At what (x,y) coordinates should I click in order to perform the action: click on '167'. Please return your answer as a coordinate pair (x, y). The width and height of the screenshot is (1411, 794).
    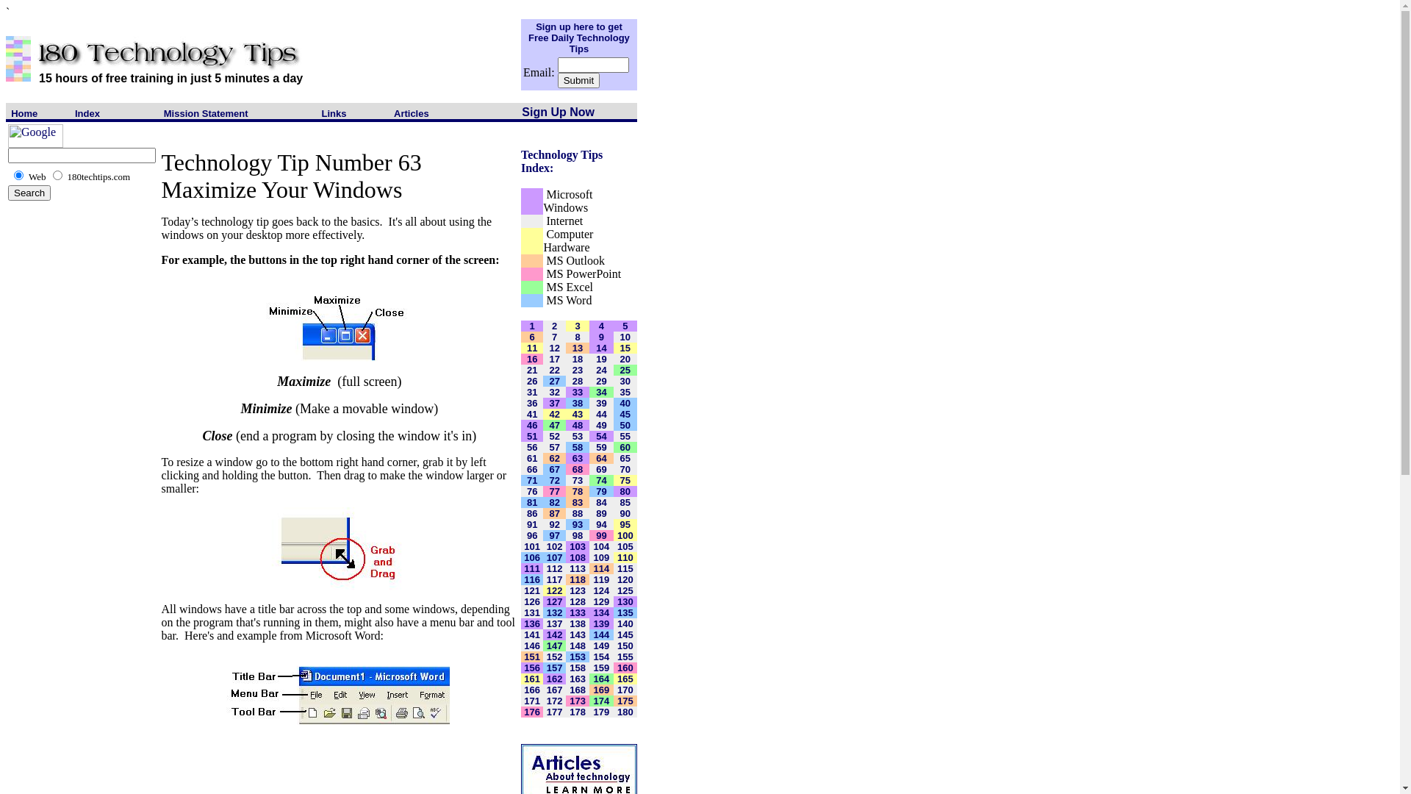
    Looking at the image, I should click on (553, 689).